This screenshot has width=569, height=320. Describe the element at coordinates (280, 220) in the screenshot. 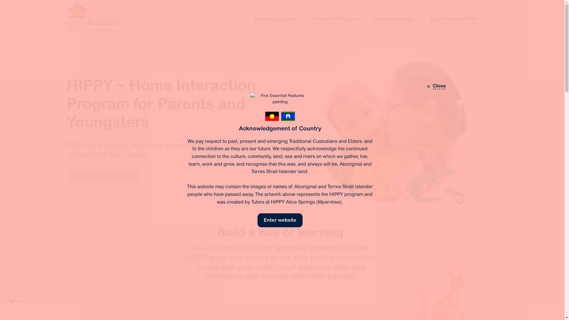

I see `'Enter website'` at that location.